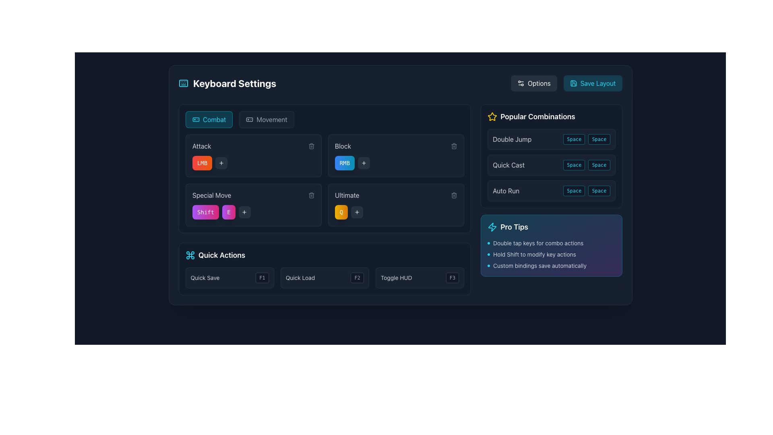 The width and height of the screenshot is (773, 435). What do you see at coordinates (311, 196) in the screenshot?
I see `the red trash icon located in the 'Special Move' section of the 'Keyboard Settings' interface` at bounding box center [311, 196].